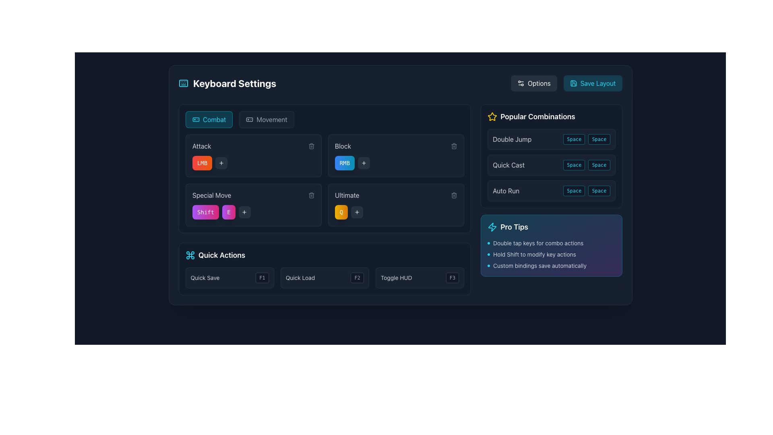 The width and height of the screenshot is (773, 435). What do you see at coordinates (311, 196) in the screenshot?
I see `the red trash icon located in the 'Special Move' section of the 'Keyboard Settings' interface` at bounding box center [311, 196].